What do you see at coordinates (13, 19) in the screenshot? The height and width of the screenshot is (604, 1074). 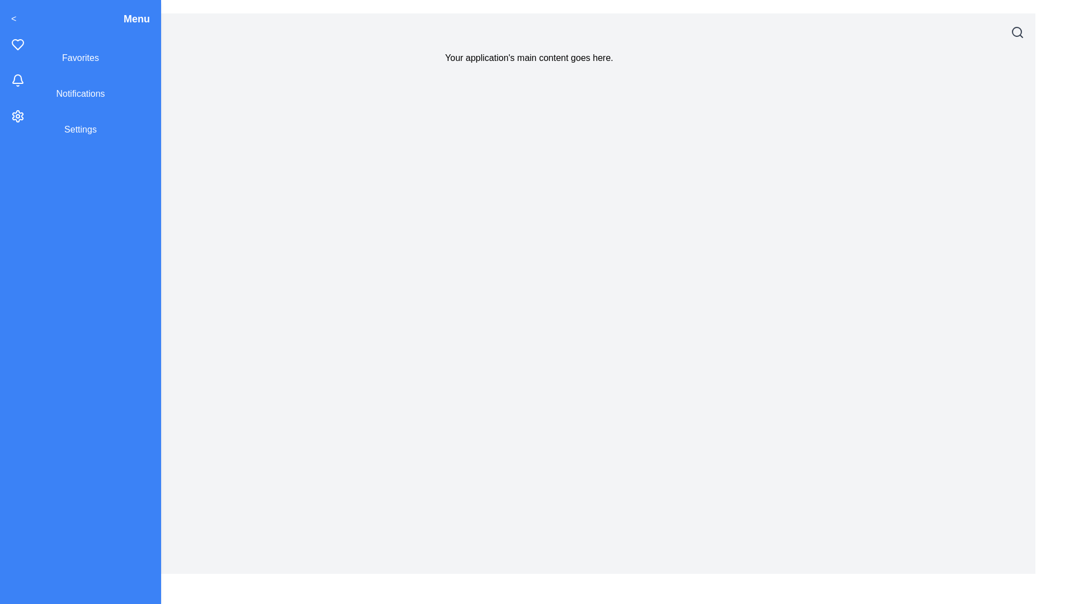 I see `the toggle button to toggle the drawer open or close` at bounding box center [13, 19].